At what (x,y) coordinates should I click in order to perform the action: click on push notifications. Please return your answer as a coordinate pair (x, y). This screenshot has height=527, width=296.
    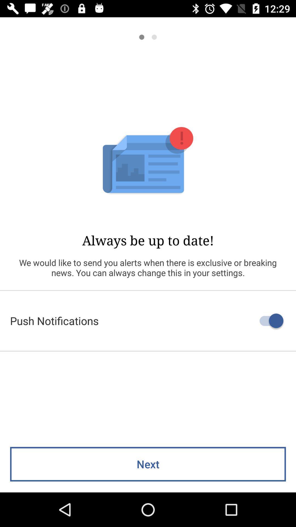
    Looking at the image, I should click on (148, 321).